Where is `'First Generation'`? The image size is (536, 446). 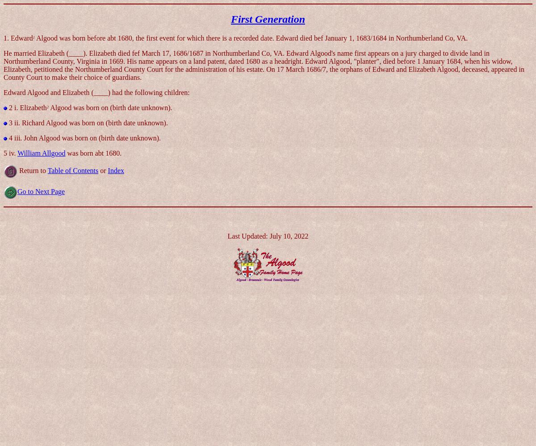 'First Generation' is located at coordinates (230, 19).